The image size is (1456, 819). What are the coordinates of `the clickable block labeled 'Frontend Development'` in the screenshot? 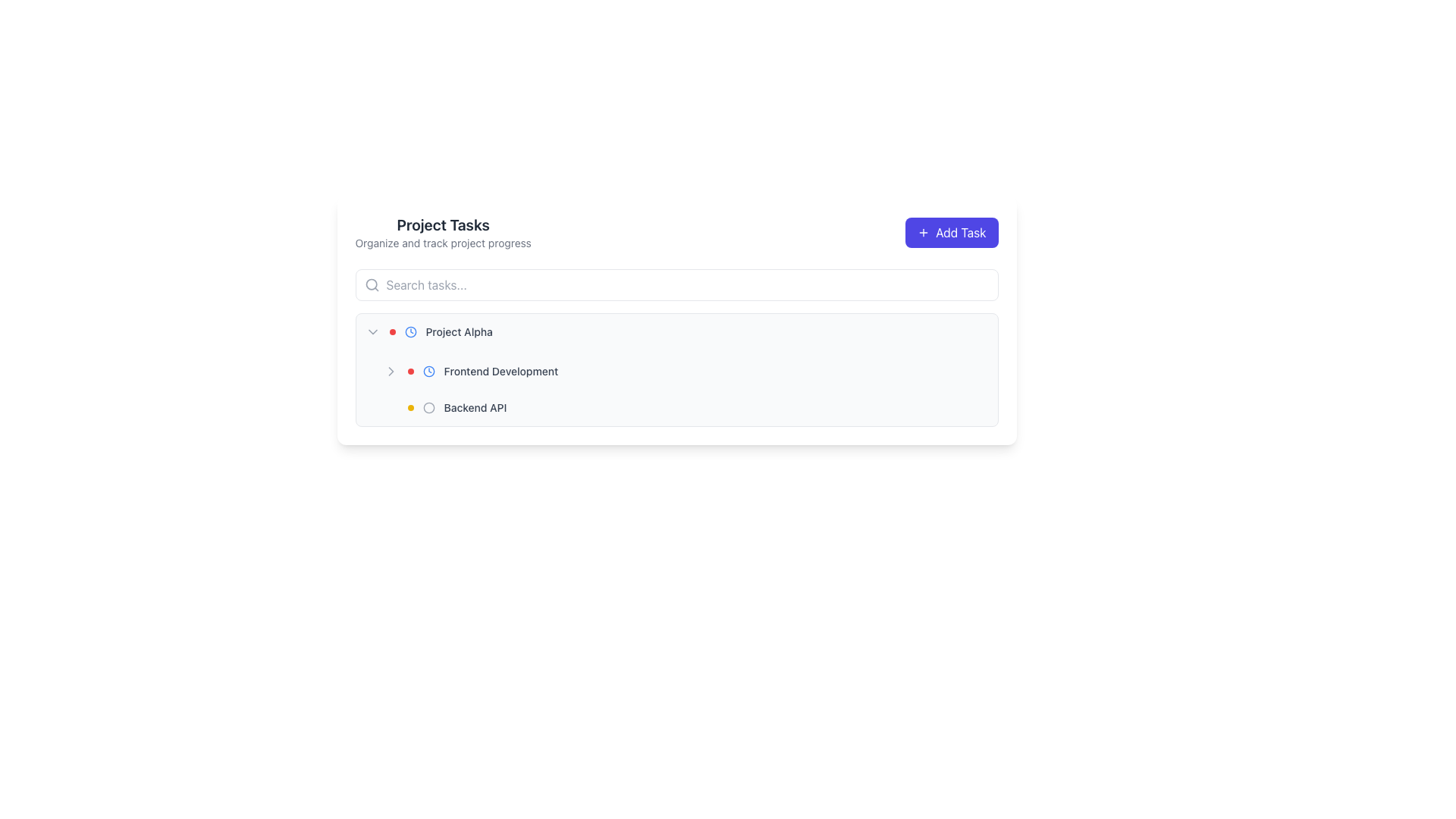 It's located at (685, 371).